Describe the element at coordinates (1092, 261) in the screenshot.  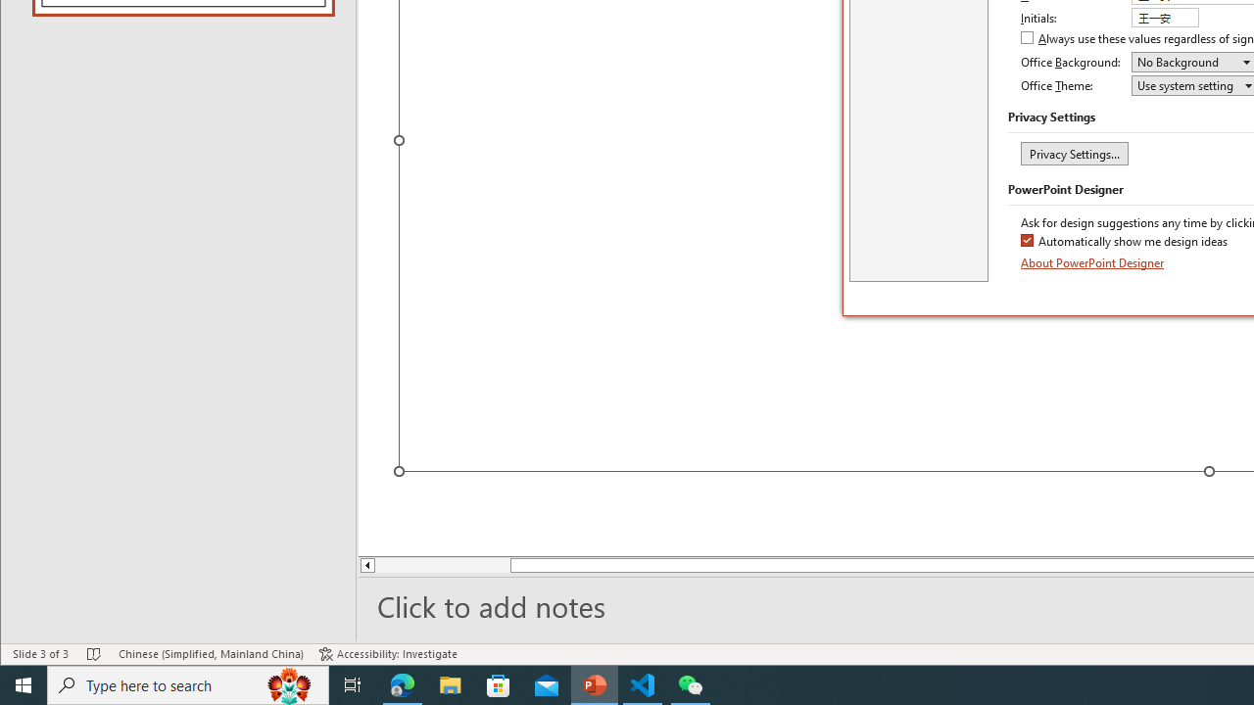
I see `'About PowerPoint Designer'` at that location.